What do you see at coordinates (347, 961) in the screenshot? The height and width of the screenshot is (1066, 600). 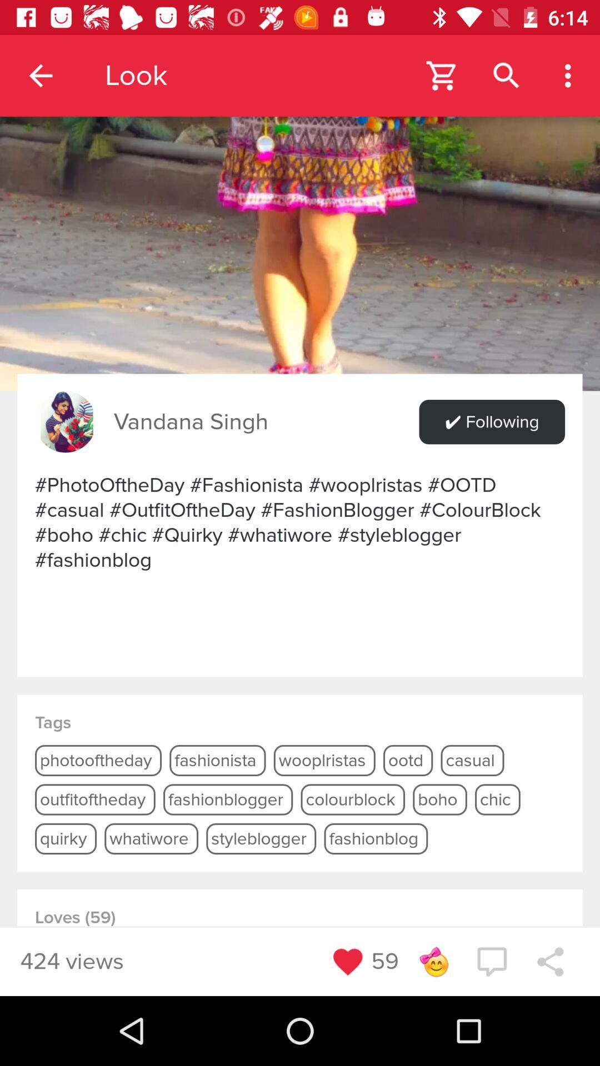 I see `put a like on the photo` at bounding box center [347, 961].